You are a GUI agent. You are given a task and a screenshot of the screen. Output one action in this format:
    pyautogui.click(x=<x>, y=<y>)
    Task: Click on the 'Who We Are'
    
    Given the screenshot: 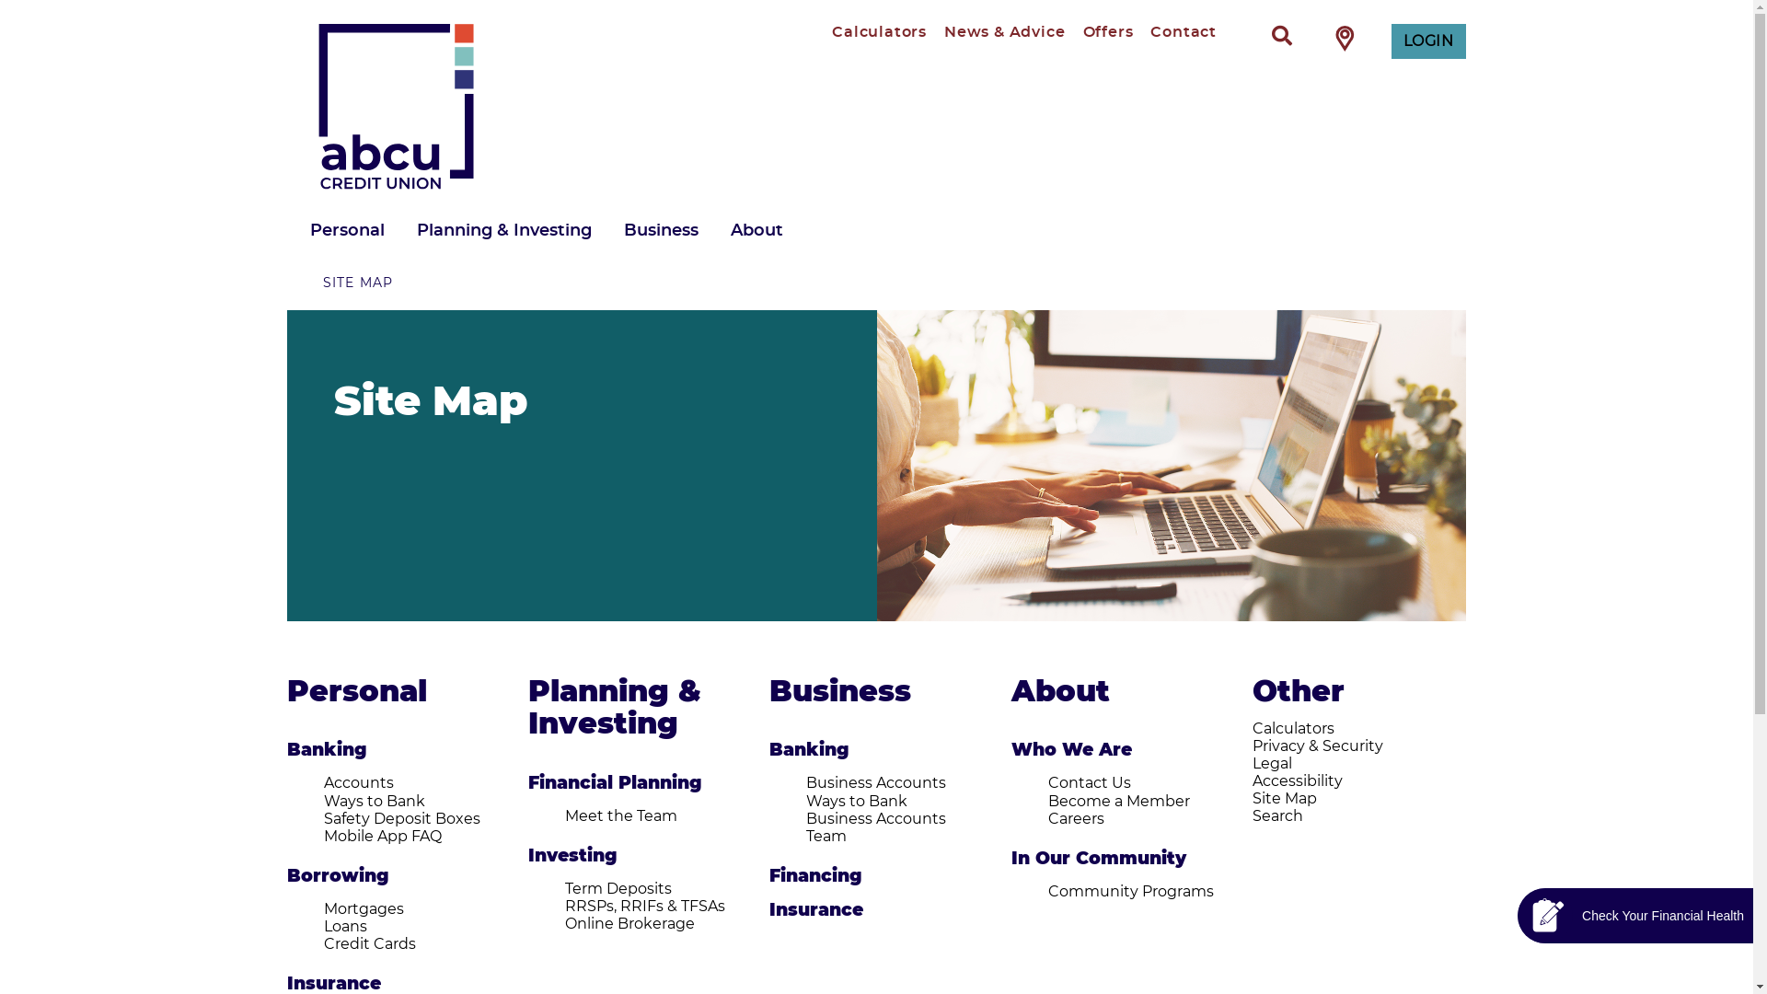 What is the action you would take?
    pyautogui.click(x=1011, y=750)
    